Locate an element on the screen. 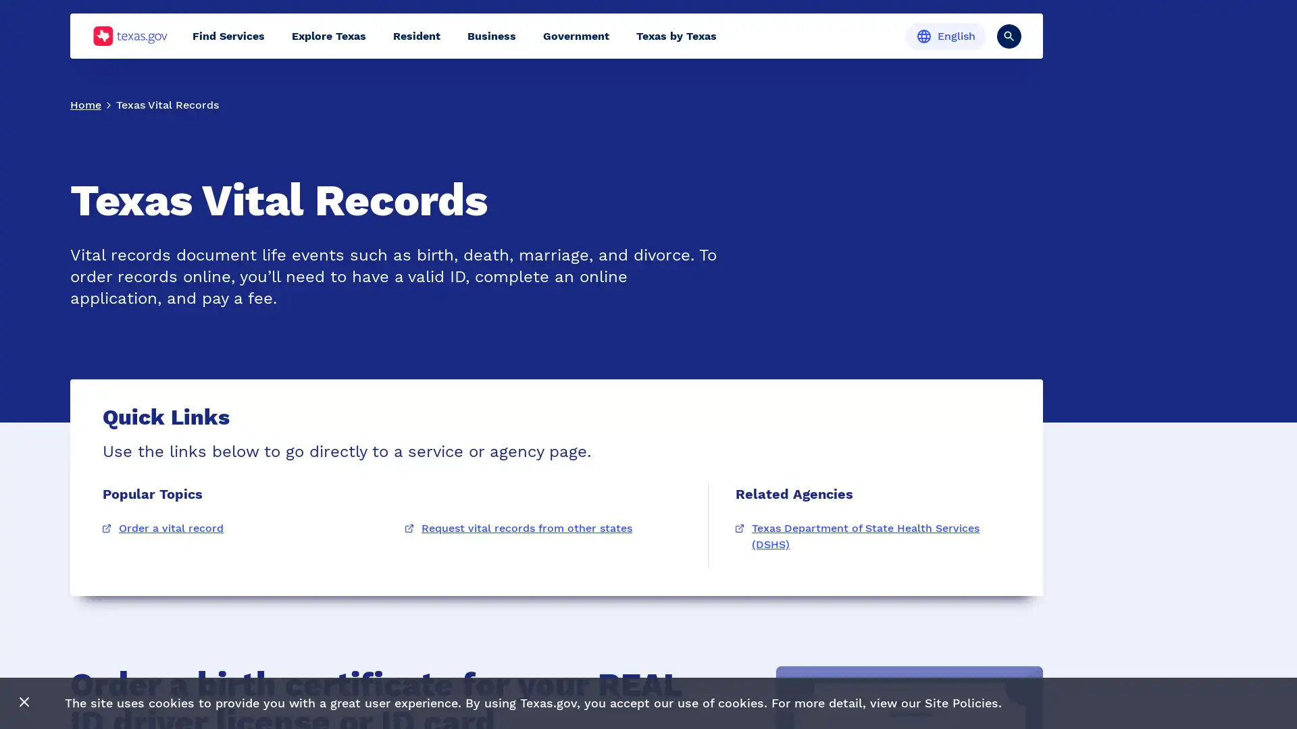 The image size is (1297, 729). Government is located at coordinates (576, 35).